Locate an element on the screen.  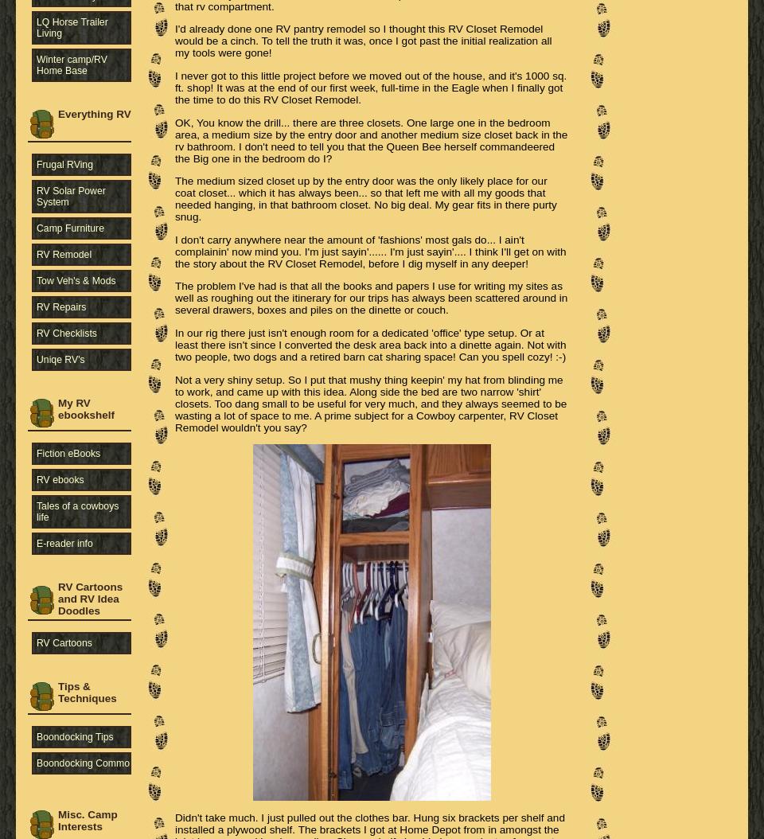
'RV Solar Power System' is located at coordinates (35, 196).